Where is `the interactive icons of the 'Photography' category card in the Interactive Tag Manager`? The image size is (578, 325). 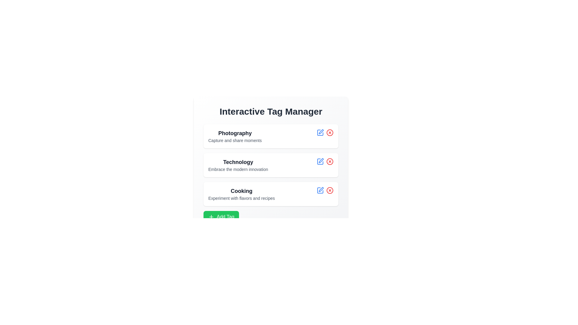 the interactive icons of the 'Photography' category card in the Interactive Tag Manager is located at coordinates (271, 136).